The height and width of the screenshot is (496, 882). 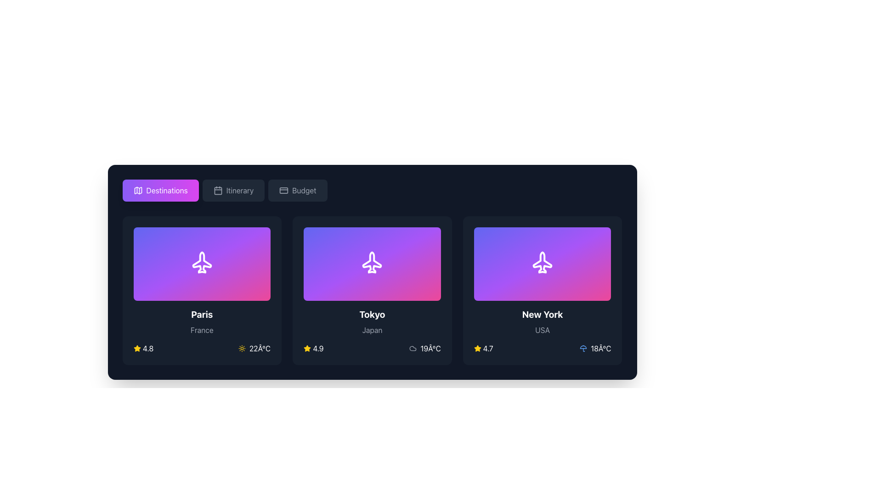 I want to click on the sun icon representing sunny weather, located to the left of the '22°C' text and below the '4.8' rating star in the card for 'Paris, France', so click(x=242, y=349).